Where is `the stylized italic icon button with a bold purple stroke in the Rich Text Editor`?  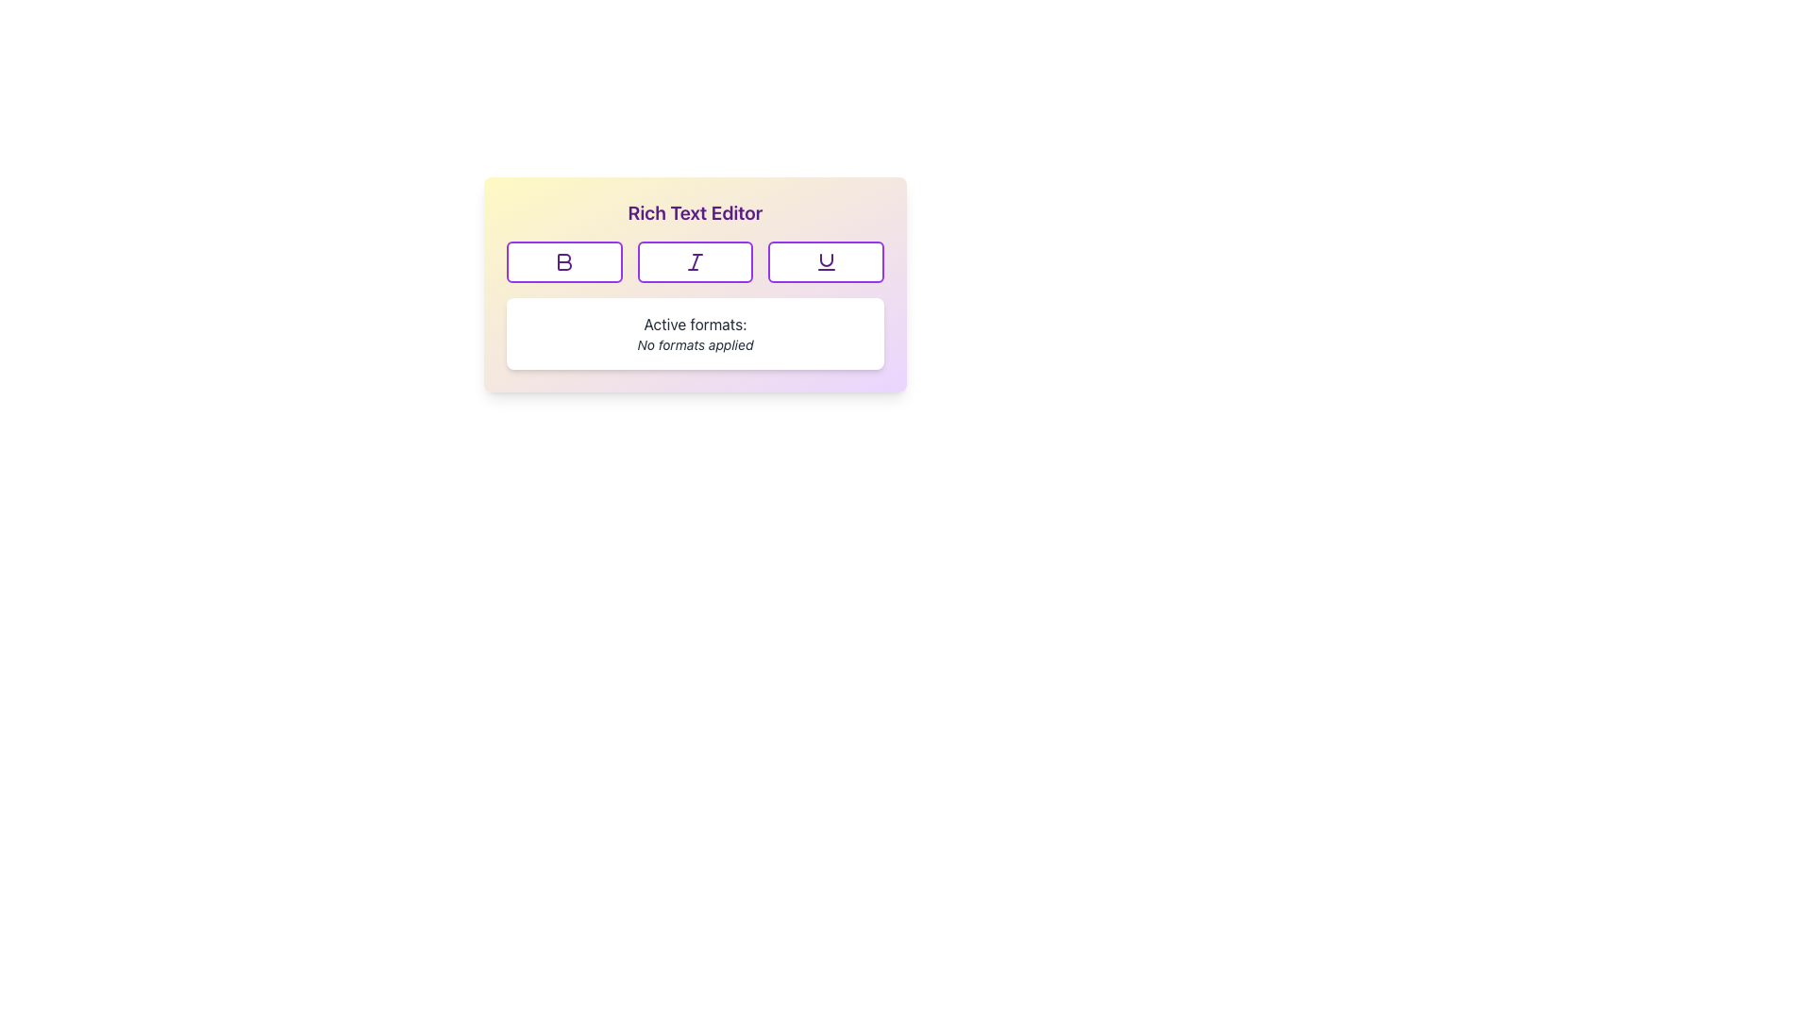 the stylized italic icon button with a bold purple stroke in the Rich Text Editor is located at coordinates (694, 261).